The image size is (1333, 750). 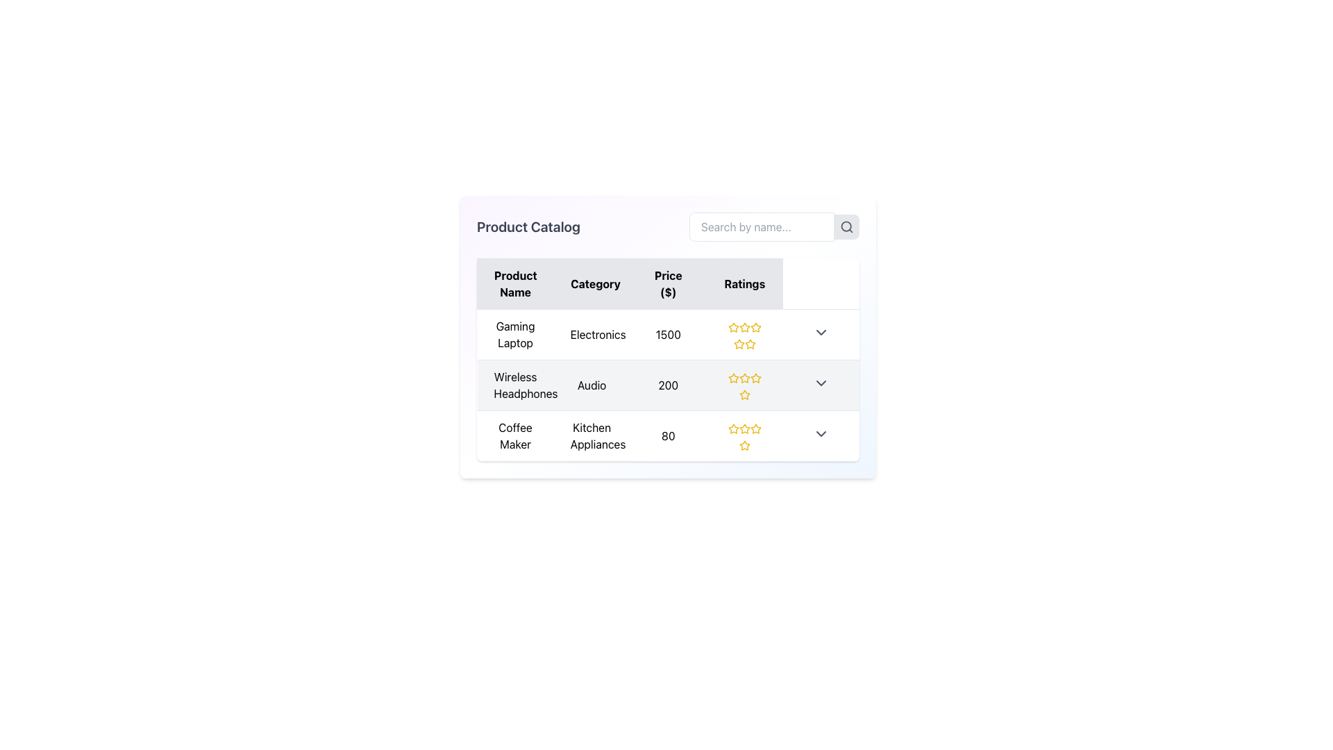 What do you see at coordinates (773, 226) in the screenshot?
I see `the search icon located in the search bar to initiate the search for items by entering keywords` at bounding box center [773, 226].